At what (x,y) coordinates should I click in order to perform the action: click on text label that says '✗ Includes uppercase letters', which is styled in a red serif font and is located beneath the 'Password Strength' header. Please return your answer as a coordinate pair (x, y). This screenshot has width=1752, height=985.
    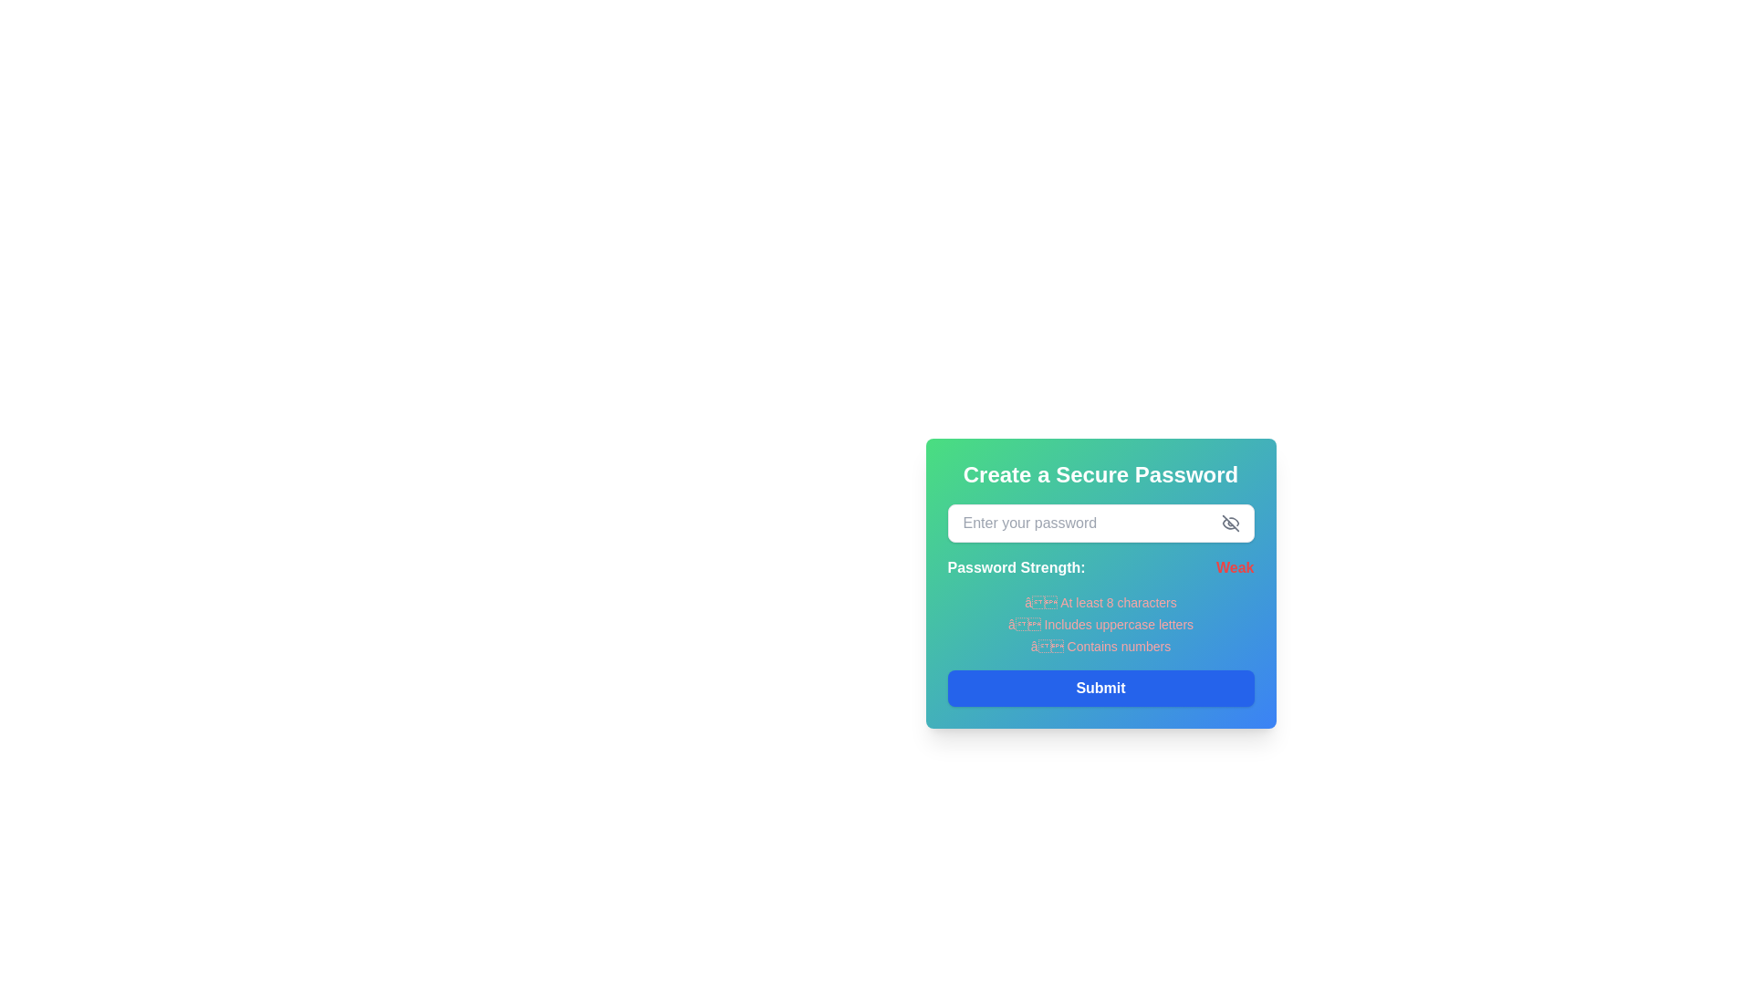
    Looking at the image, I should click on (1100, 624).